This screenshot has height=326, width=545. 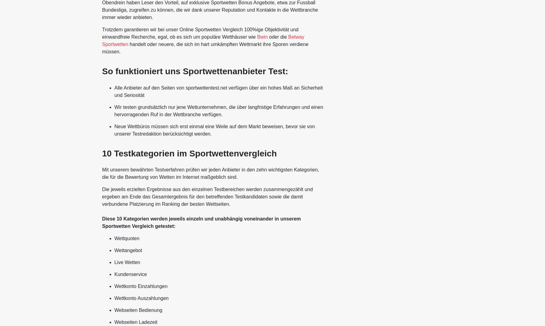 I want to click on 'Wettkonto Einzahlungen', so click(x=141, y=286).